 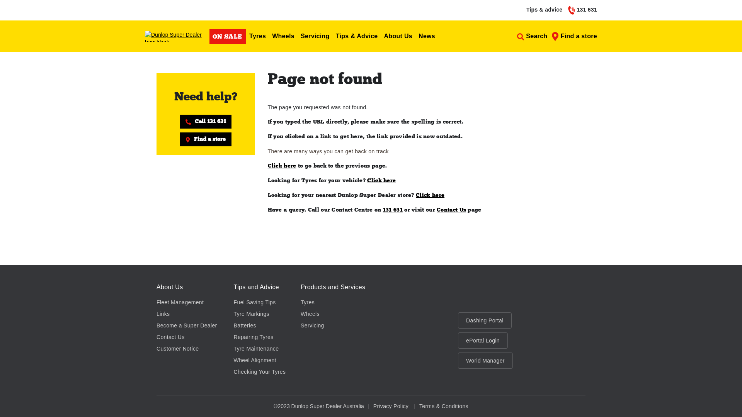 What do you see at coordinates (484, 320) in the screenshot?
I see `'Dashing Portal'` at bounding box center [484, 320].